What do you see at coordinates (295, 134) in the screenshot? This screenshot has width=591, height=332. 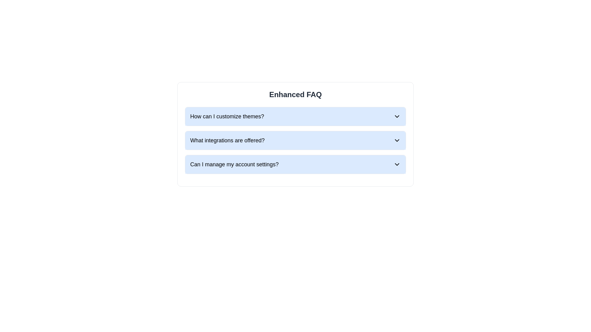 I see `the chevron of the Interactive FAQ item for the question 'What integrations are offered?'` at bounding box center [295, 134].